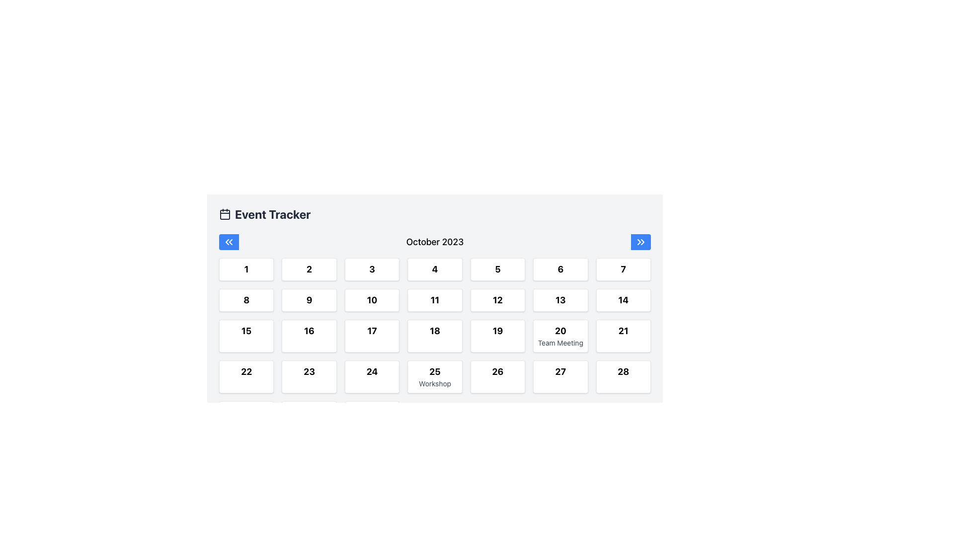 This screenshot has width=954, height=537. I want to click on the Calendar Day Block representing the 26th day for more details, so click(497, 377).